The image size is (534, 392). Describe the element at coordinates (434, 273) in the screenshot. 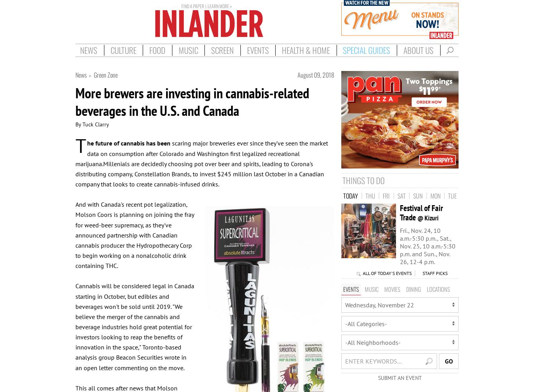

I see `'Staff Picks'` at that location.